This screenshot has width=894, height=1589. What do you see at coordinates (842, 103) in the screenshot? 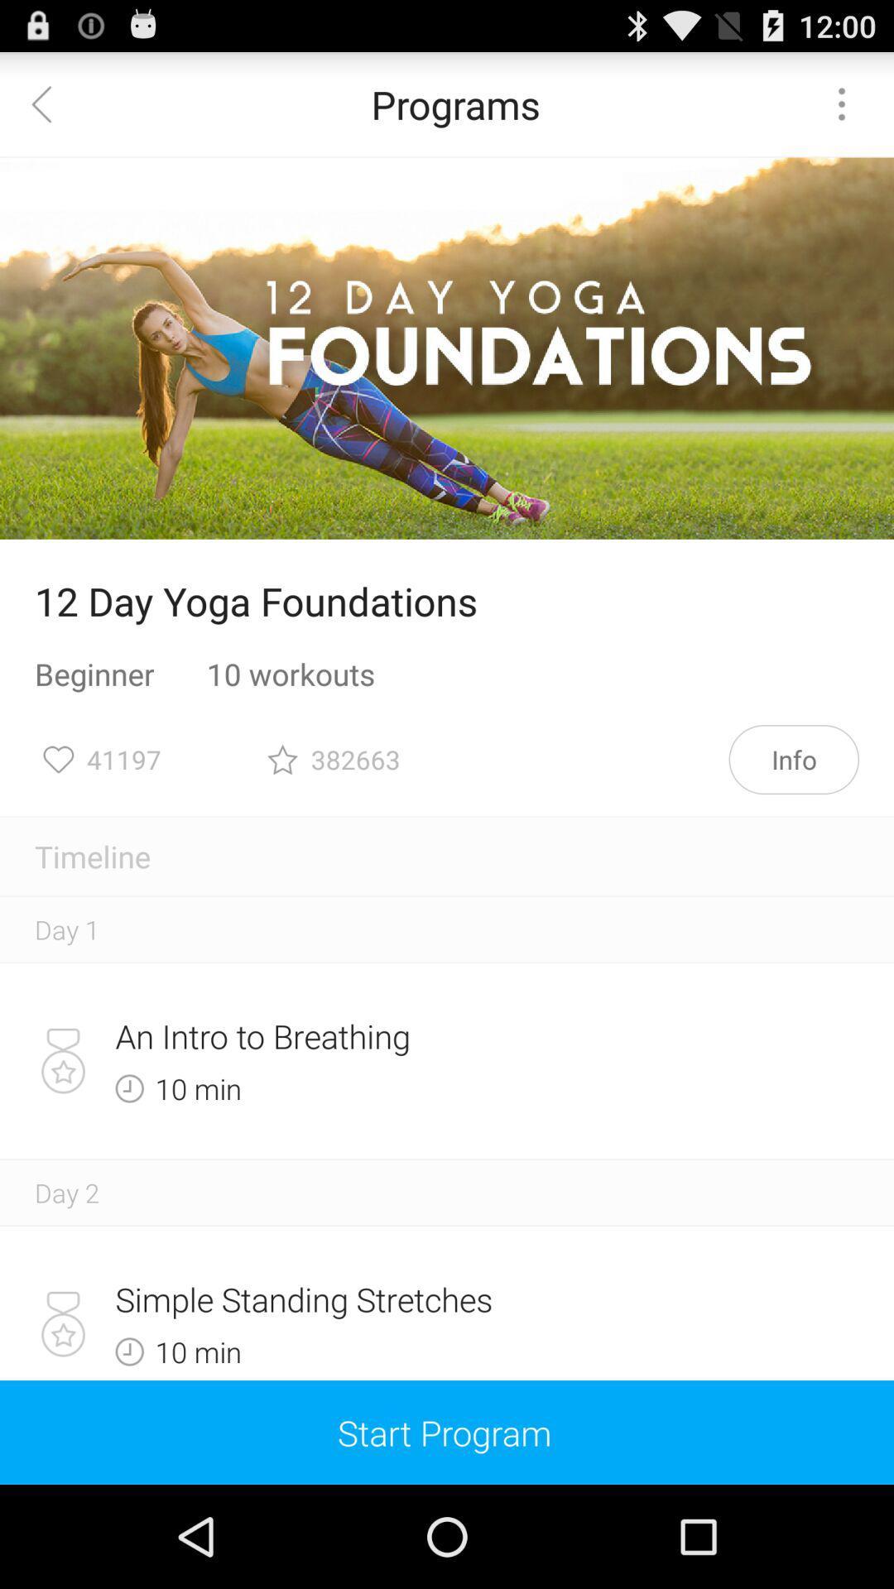
I see `see more settings` at bounding box center [842, 103].